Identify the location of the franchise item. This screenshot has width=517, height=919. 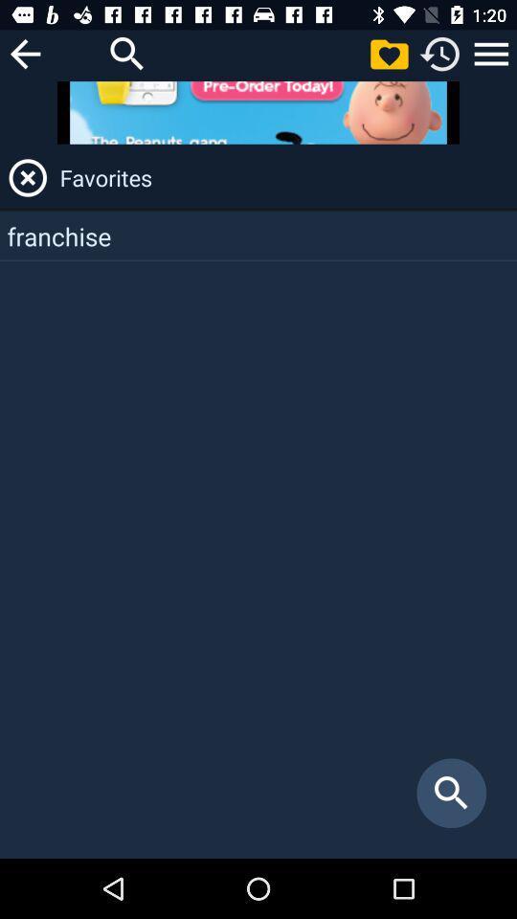
(258, 235).